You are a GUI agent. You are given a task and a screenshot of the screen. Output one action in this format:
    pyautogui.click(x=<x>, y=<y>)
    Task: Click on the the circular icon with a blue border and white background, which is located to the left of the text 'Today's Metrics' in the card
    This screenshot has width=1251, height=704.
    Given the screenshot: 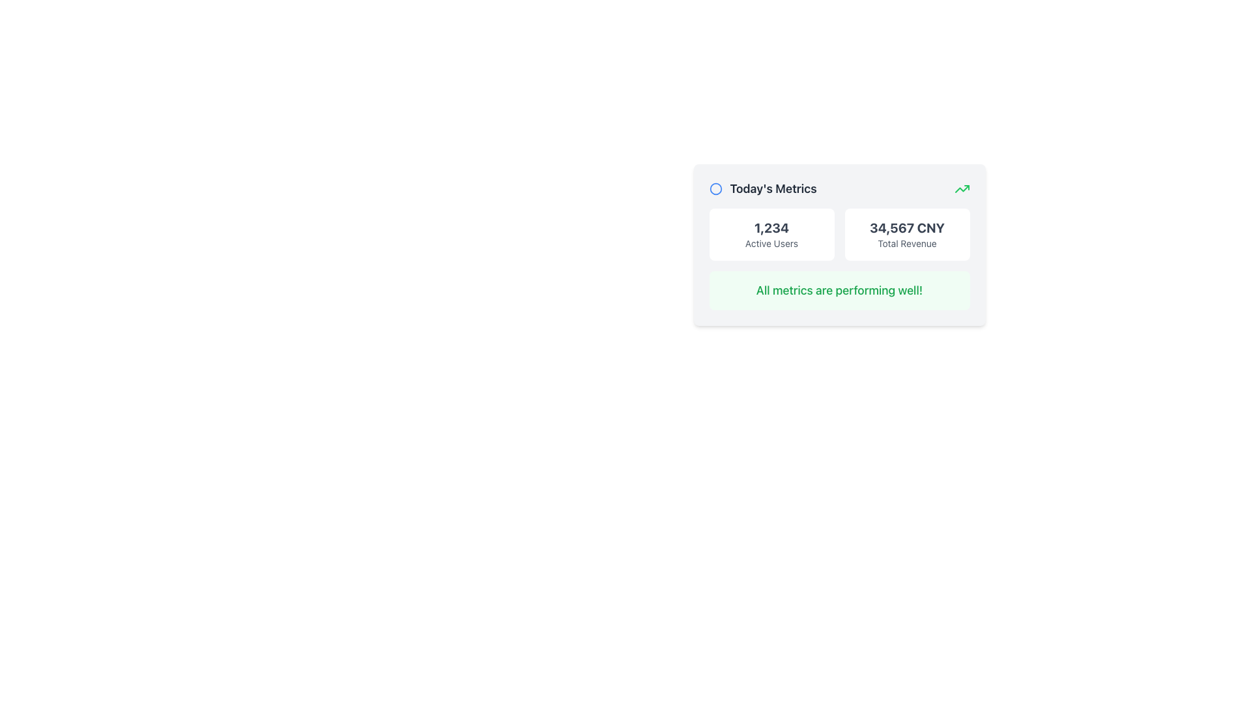 What is the action you would take?
    pyautogui.click(x=715, y=188)
    